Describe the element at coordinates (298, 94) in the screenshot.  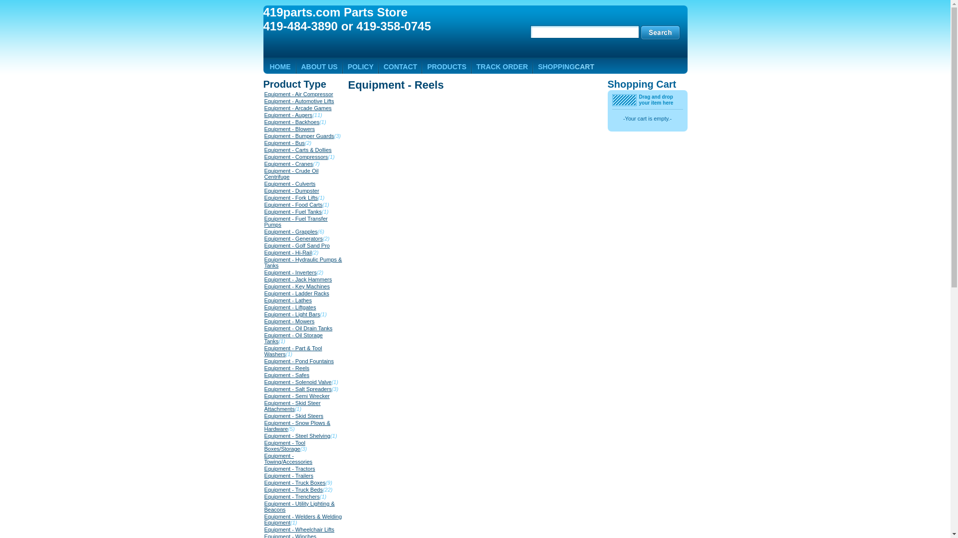
I see `'Equipment - Air Compressor'` at that location.